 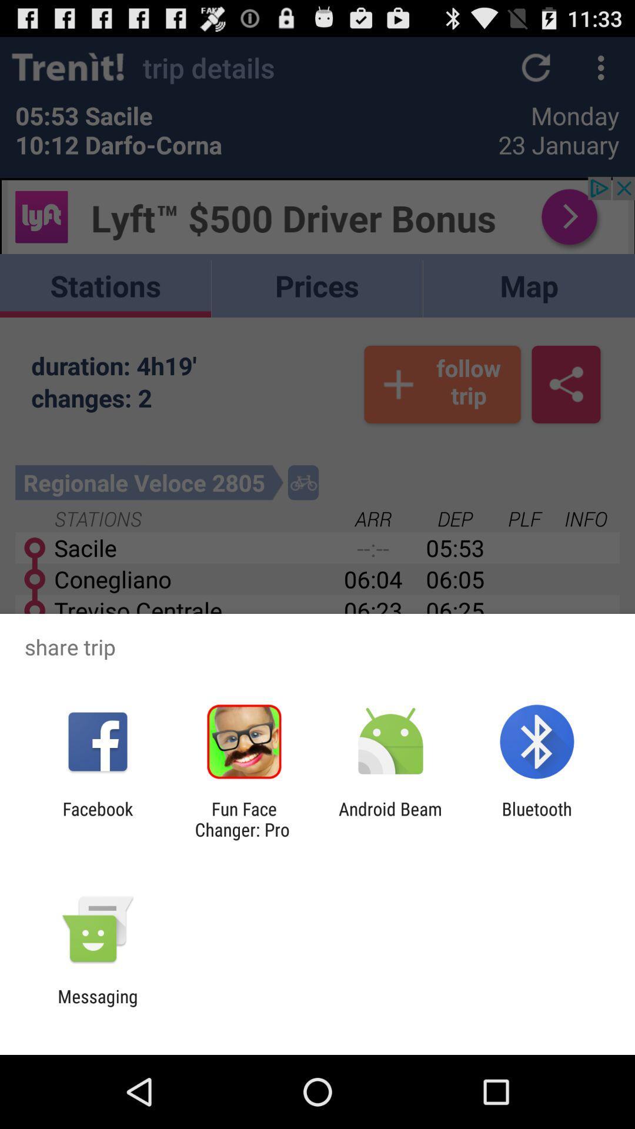 I want to click on the app to the left of bluetooth, so click(x=390, y=819).